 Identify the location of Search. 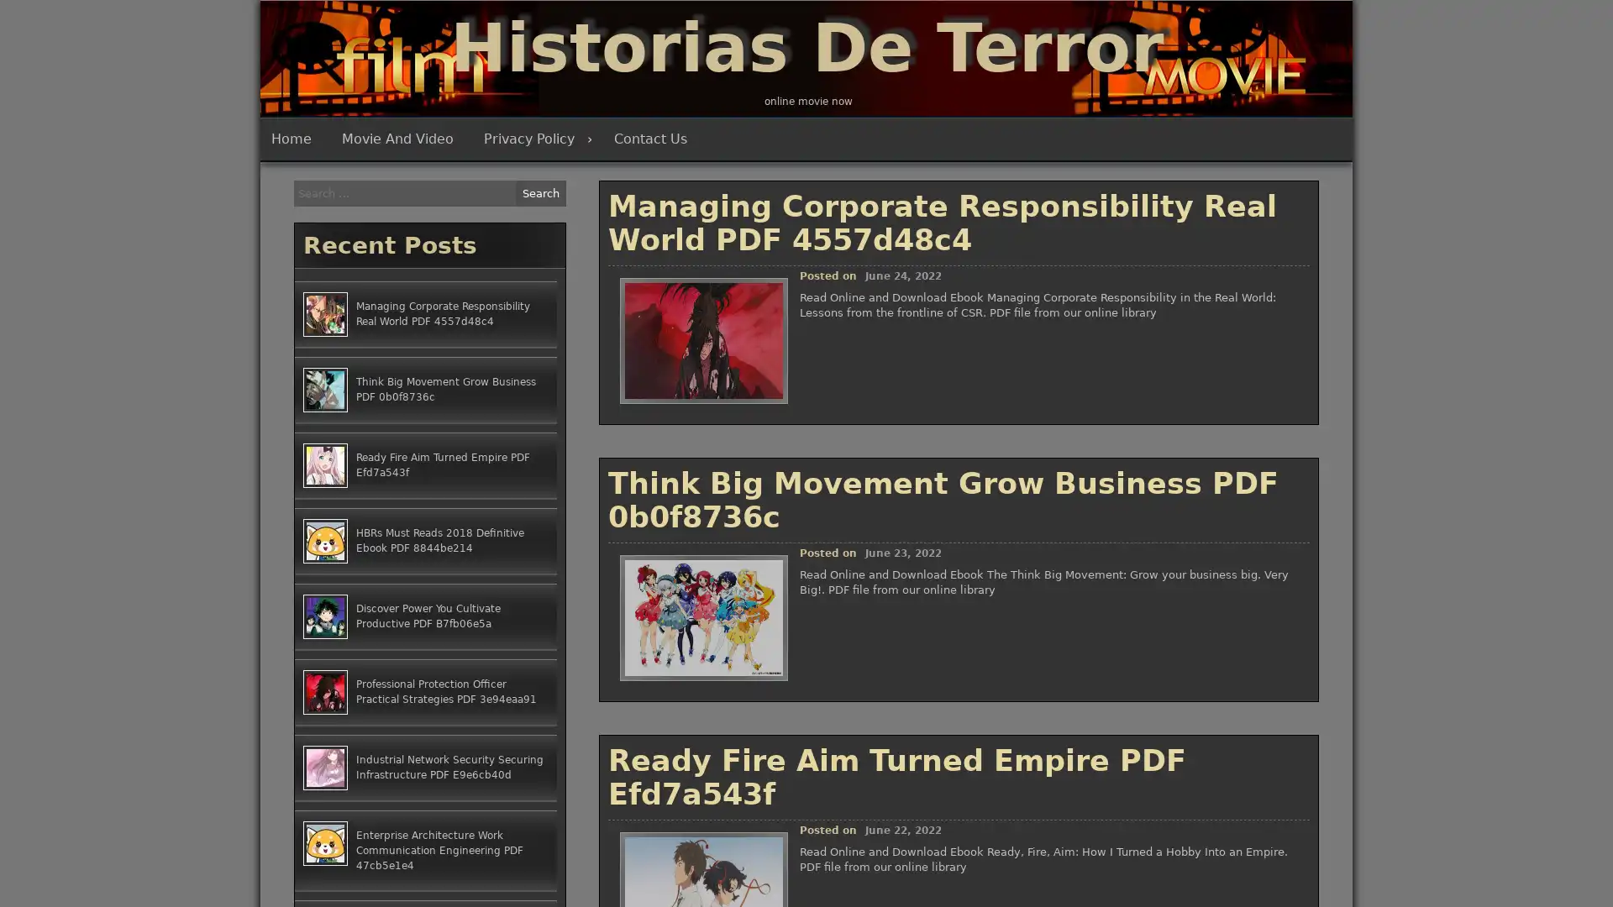
(540, 192).